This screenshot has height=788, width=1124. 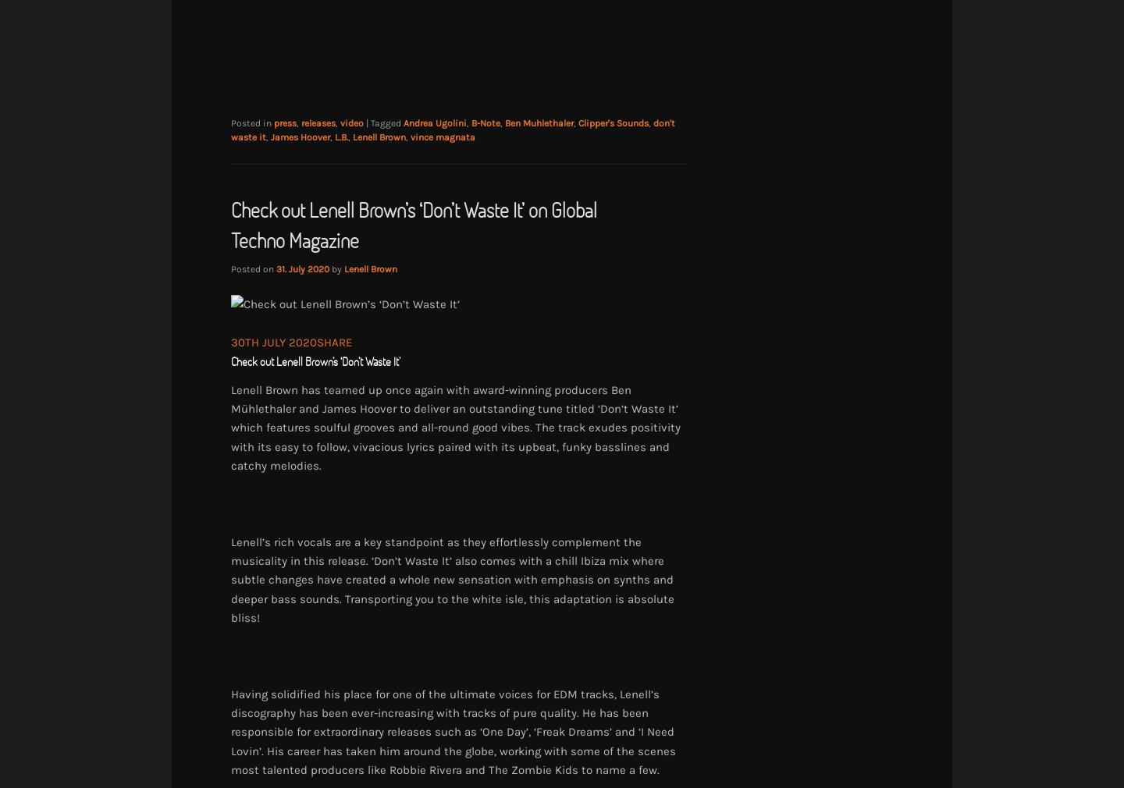 What do you see at coordinates (454, 731) in the screenshot?
I see `'Having solidified his place for one of the ultimate voices for EDM tracks, Lenell’s discography has been ever-increasing with tracks of pure quality. He has been responsible for extraordinary releases such as ‘One Day’, ‘Freak Dreams’ and ‘I Need Lovin’. His career has taken him around the globe, working with some of the scenes most talented producers like Robbie Rivera and The Zombie Kids to name a few.'` at bounding box center [454, 731].